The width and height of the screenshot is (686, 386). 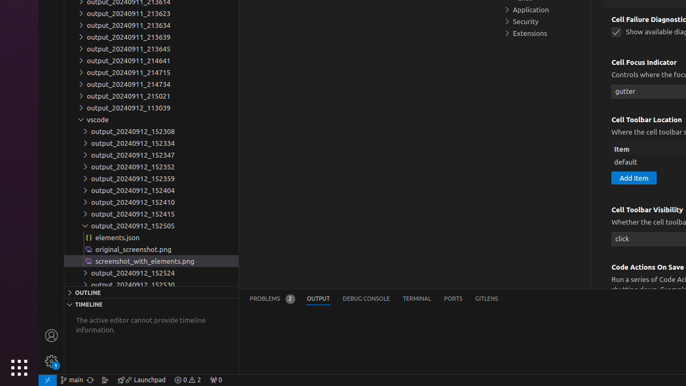 What do you see at coordinates (151, 214) in the screenshot?
I see `'output_20240912_152415'` at bounding box center [151, 214].